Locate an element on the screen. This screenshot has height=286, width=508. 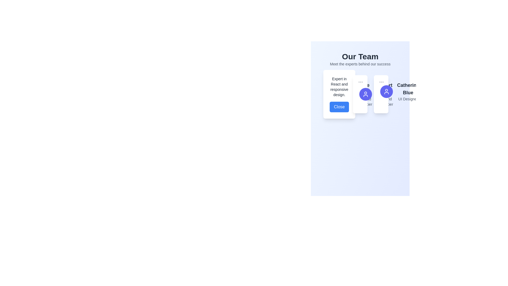
the decorative circular badge representing the user profile for 'Alice Green', positioned in the top-left corner of the team card is located at coordinates (344, 94).